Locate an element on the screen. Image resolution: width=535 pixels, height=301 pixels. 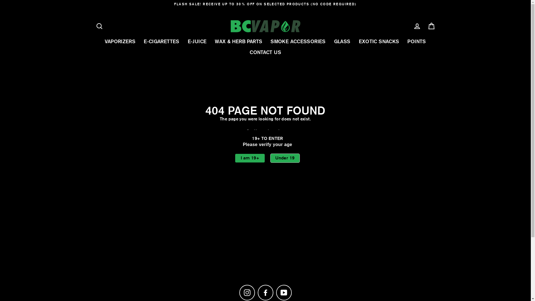
'I am 19+' is located at coordinates (250, 158).